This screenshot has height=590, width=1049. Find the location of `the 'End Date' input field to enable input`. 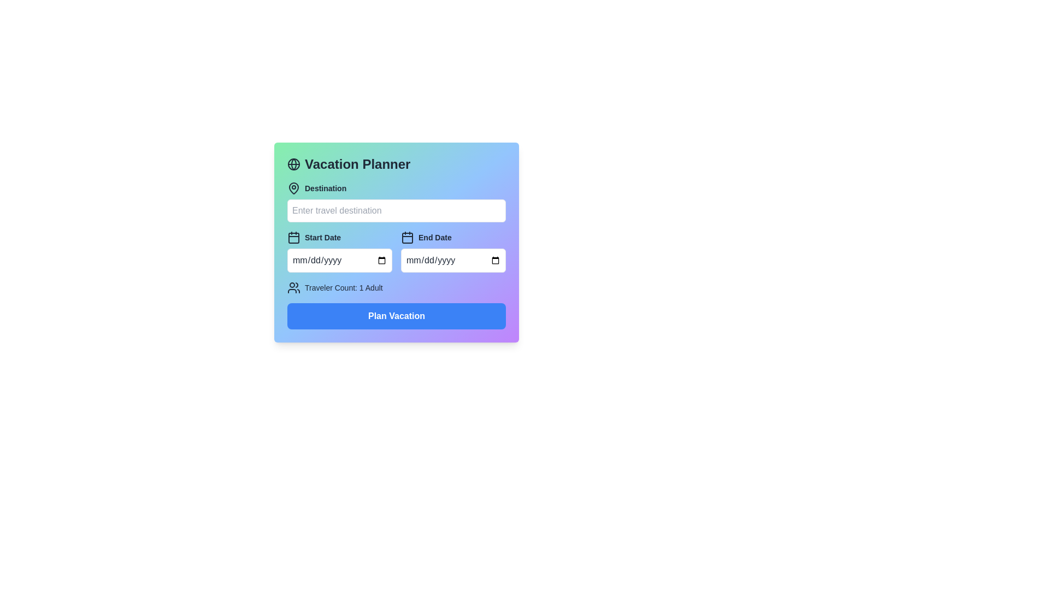

the 'End Date' input field to enable input is located at coordinates (453, 261).